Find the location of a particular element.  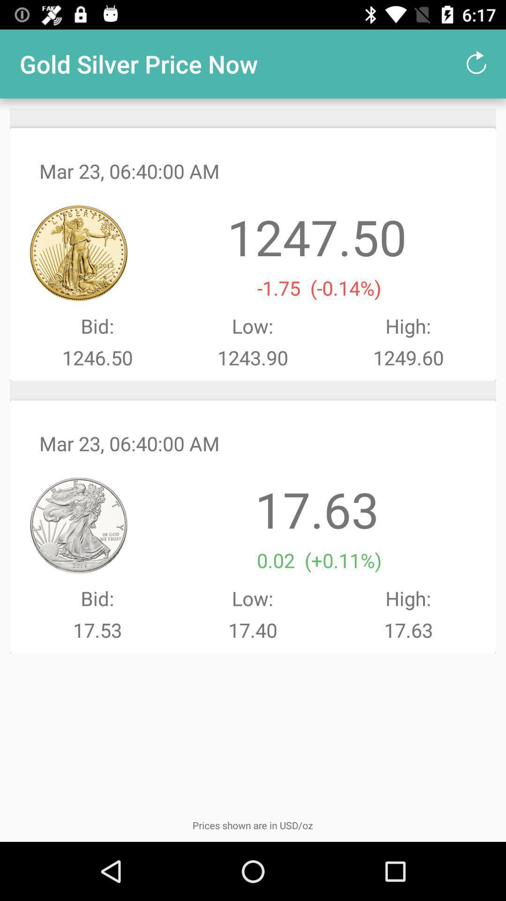

the icon above the 1247.50 icon is located at coordinates (476, 63).